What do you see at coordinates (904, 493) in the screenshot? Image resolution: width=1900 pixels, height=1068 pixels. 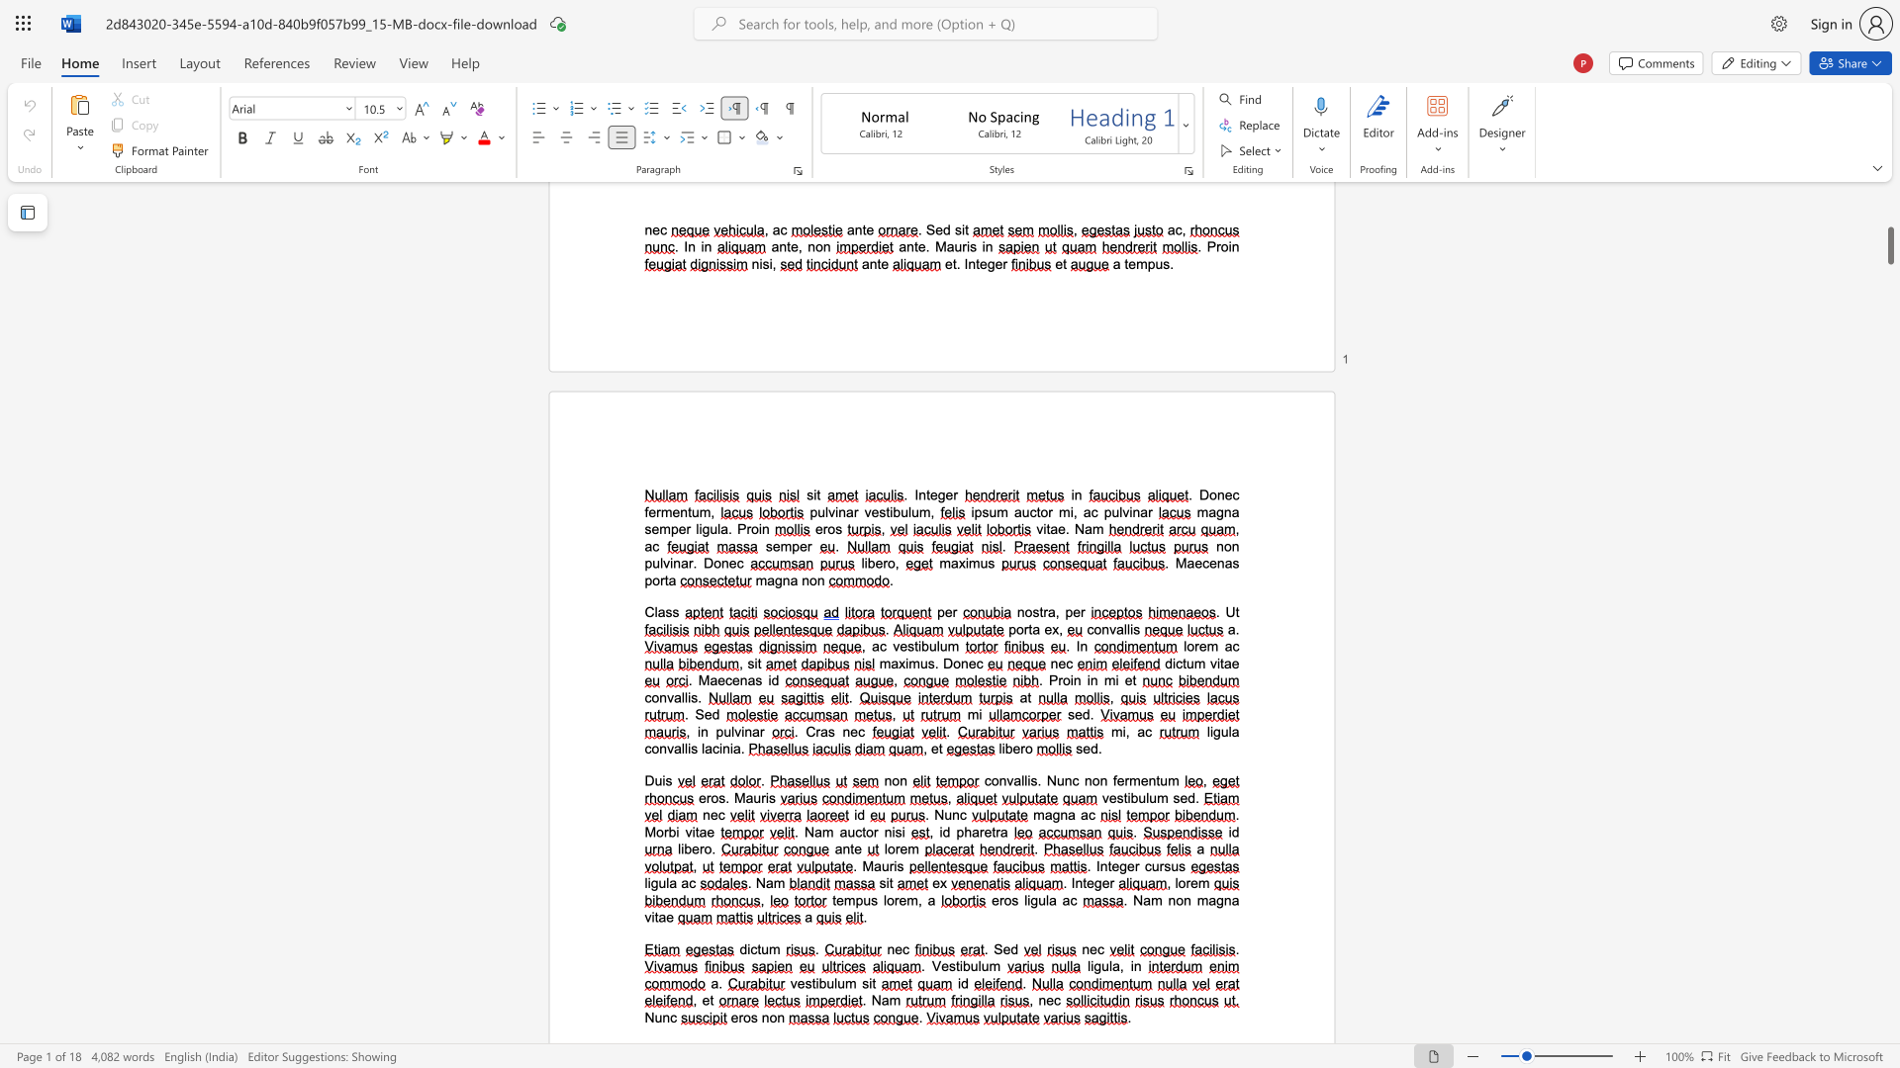 I see `the 1th character "." in the text` at bounding box center [904, 493].